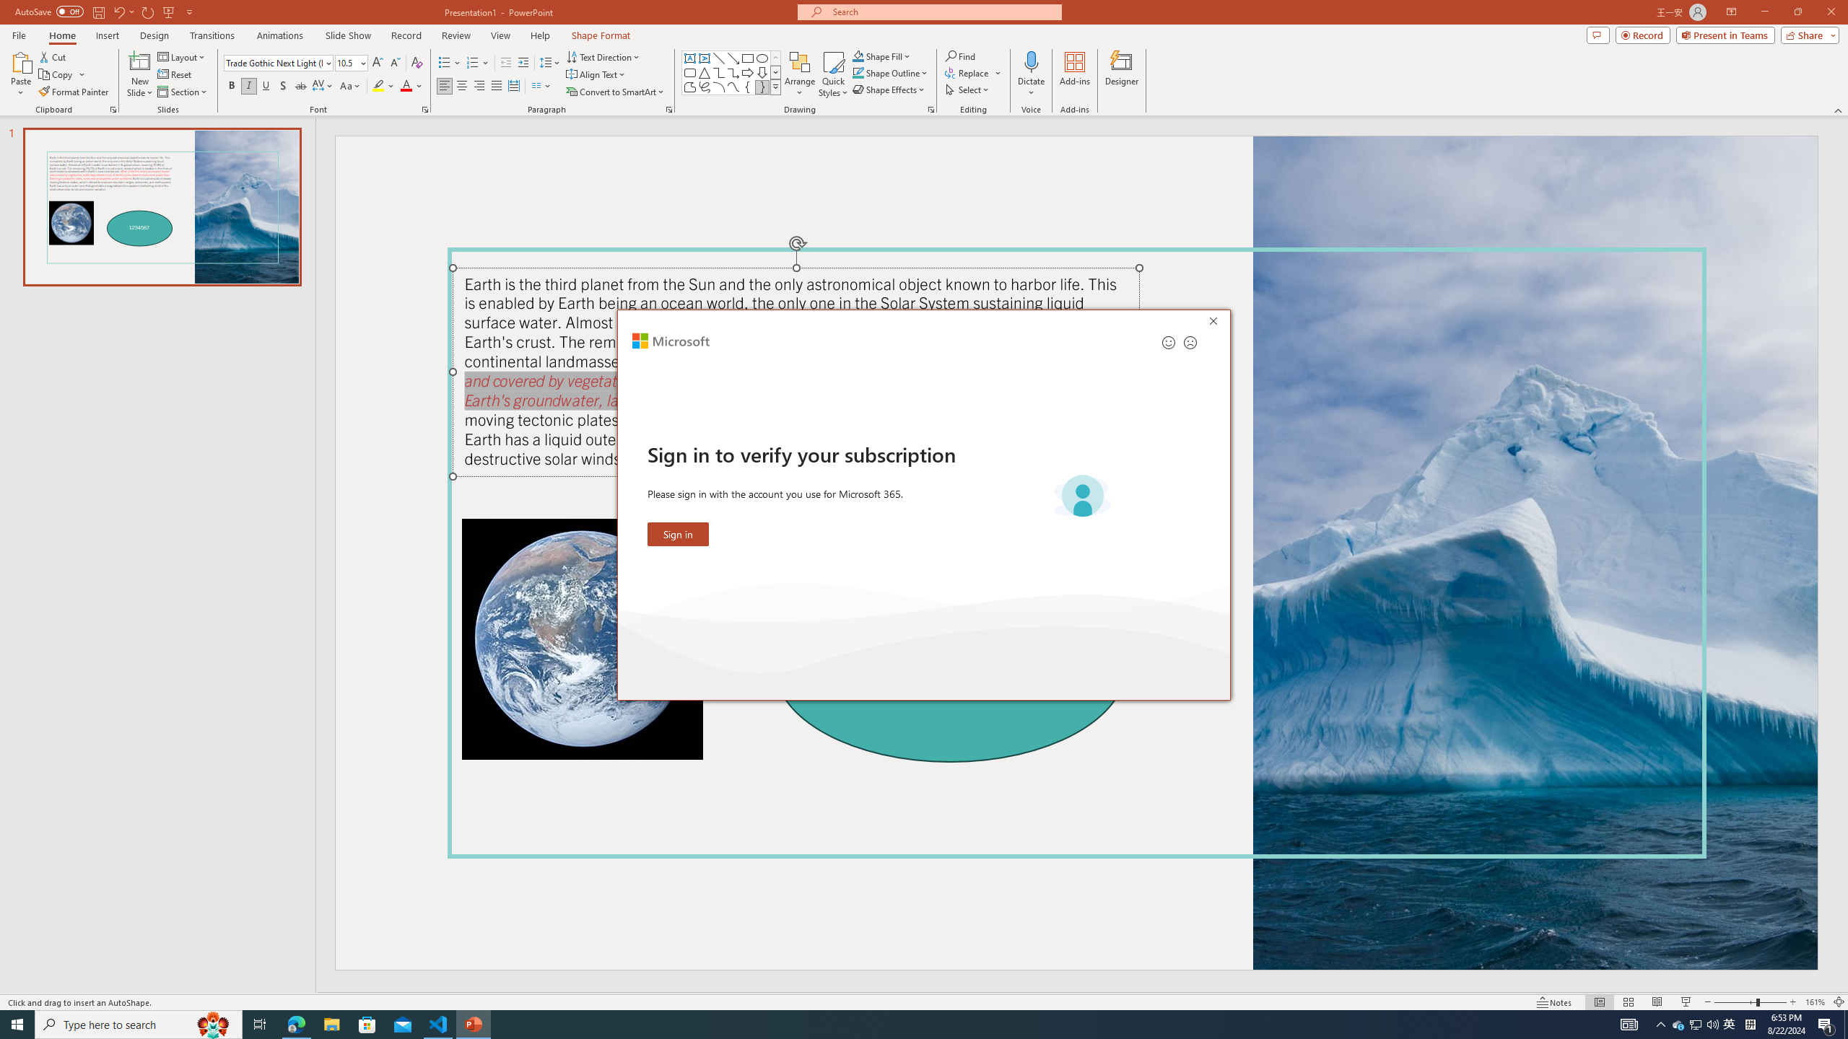  Describe the element at coordinates (689, 71) in the screenshot. I see `'Rectangle: Rounded Corners'` at that location.